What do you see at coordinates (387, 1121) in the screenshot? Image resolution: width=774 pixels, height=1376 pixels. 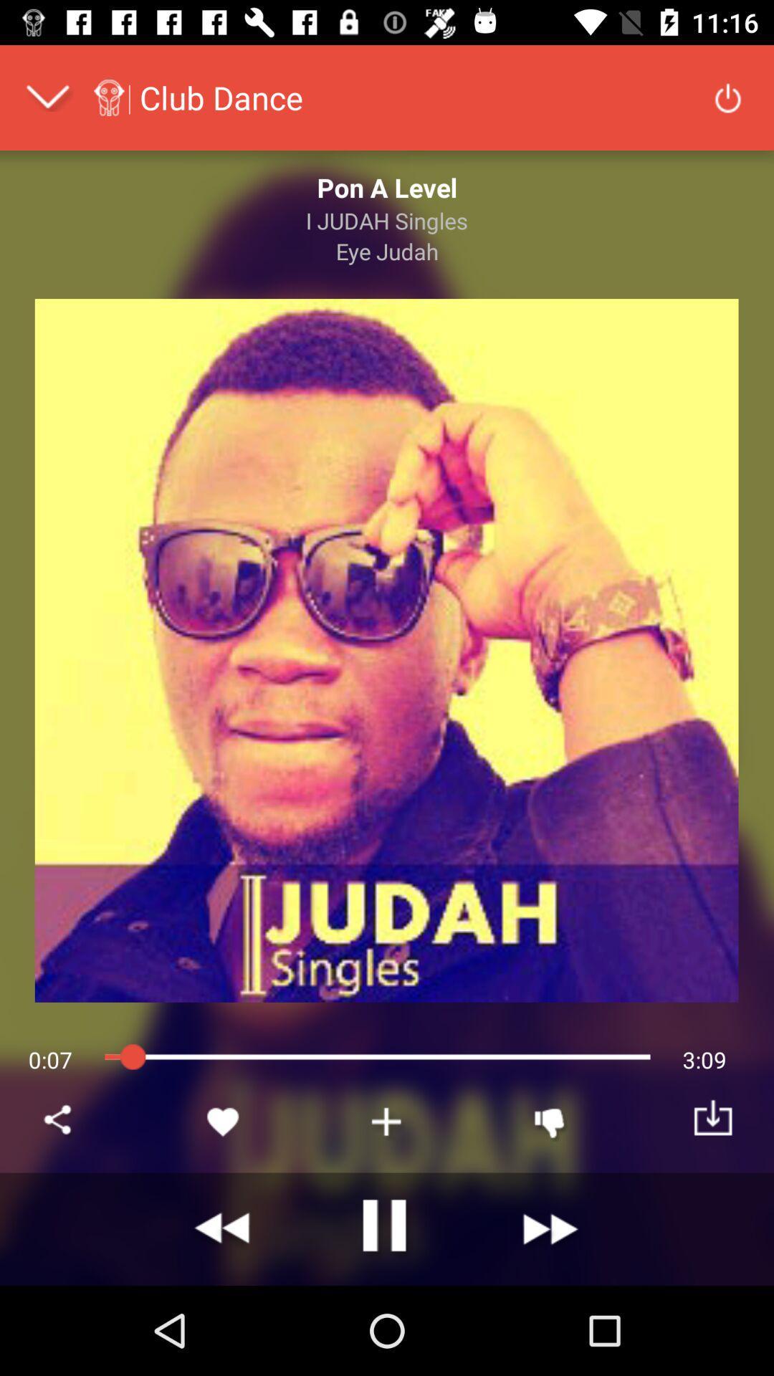 I see `the add icon` at bounding box center [387, 1121].